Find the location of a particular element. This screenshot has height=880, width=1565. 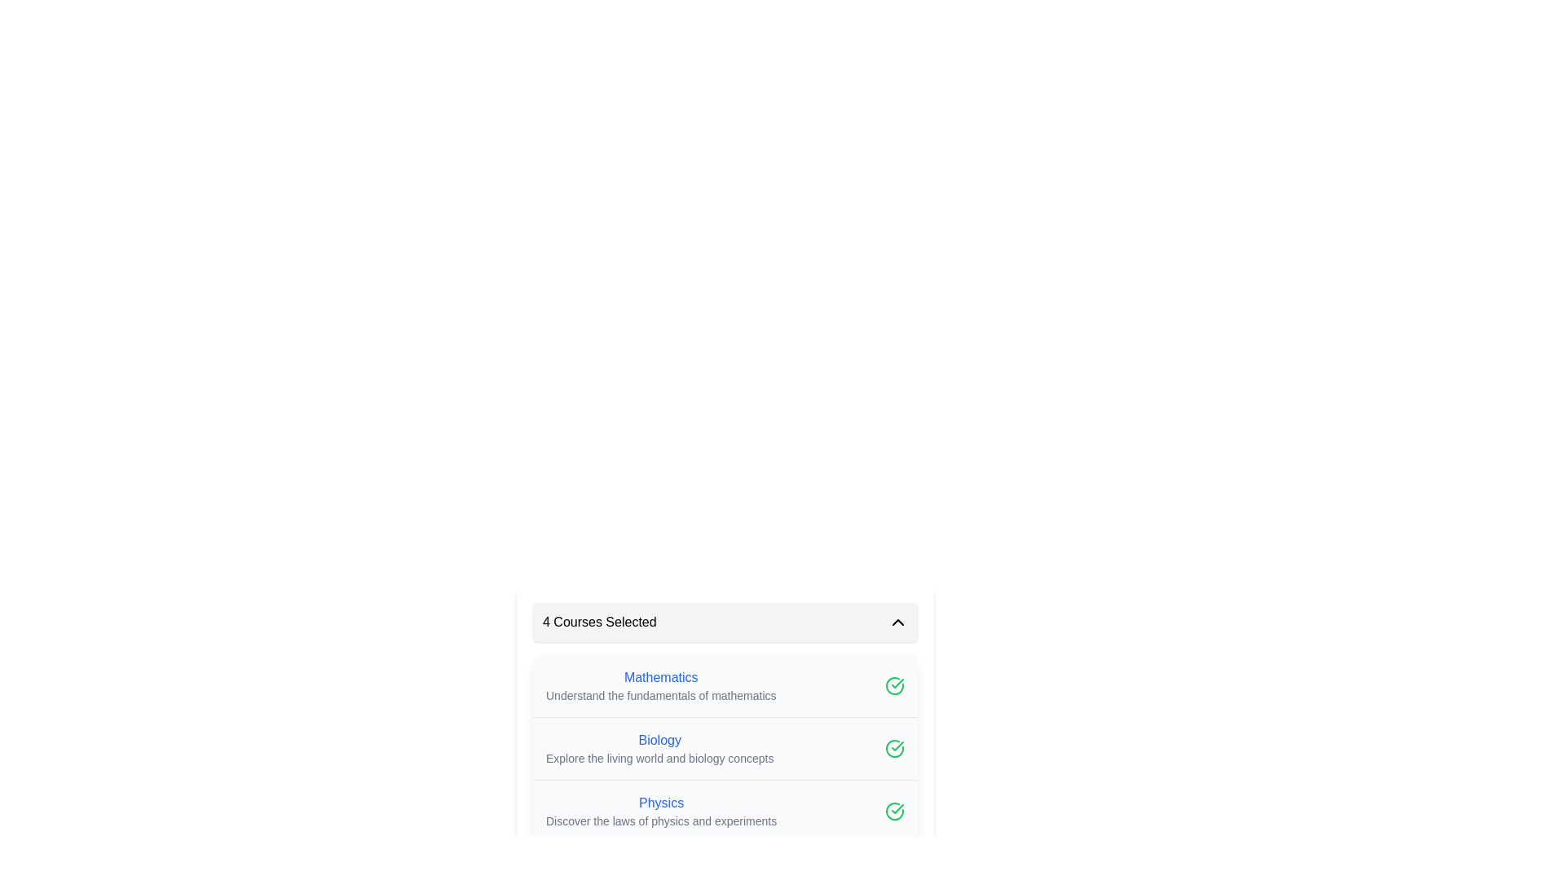

the visual indication of the green circular icon with a checkmark symbol, which signifies confirmation or completion, located to the far right of the row associated with 'Mathematics' is located at coordinates (894, 685).